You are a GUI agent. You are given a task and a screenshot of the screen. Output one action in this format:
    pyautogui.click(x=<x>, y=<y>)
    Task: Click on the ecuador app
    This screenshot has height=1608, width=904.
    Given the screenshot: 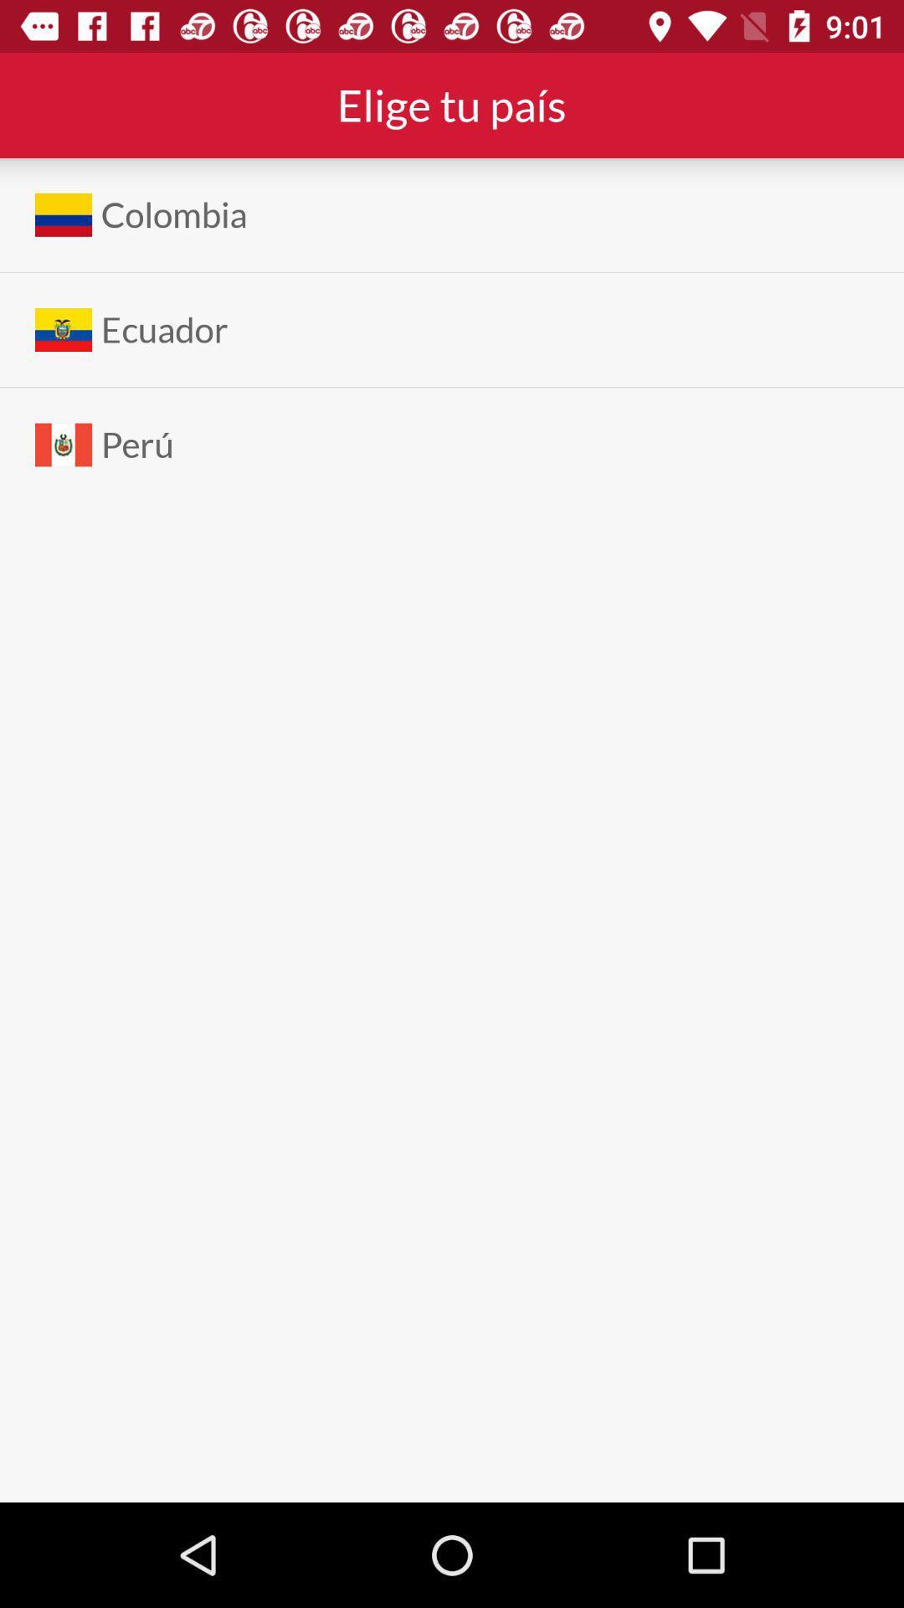 What is the action you would take?
    pyautogui.click(x=164, y=330)
    